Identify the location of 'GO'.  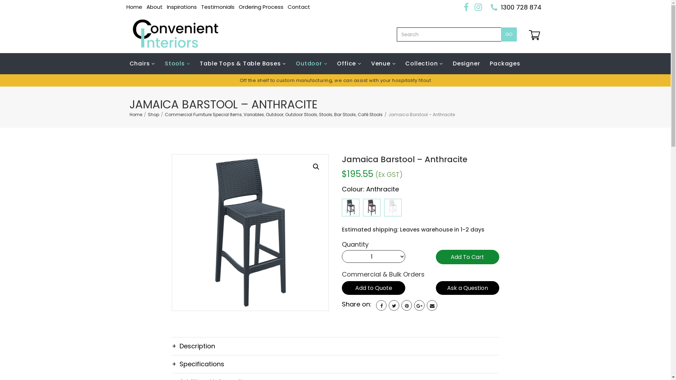
(508, 34).